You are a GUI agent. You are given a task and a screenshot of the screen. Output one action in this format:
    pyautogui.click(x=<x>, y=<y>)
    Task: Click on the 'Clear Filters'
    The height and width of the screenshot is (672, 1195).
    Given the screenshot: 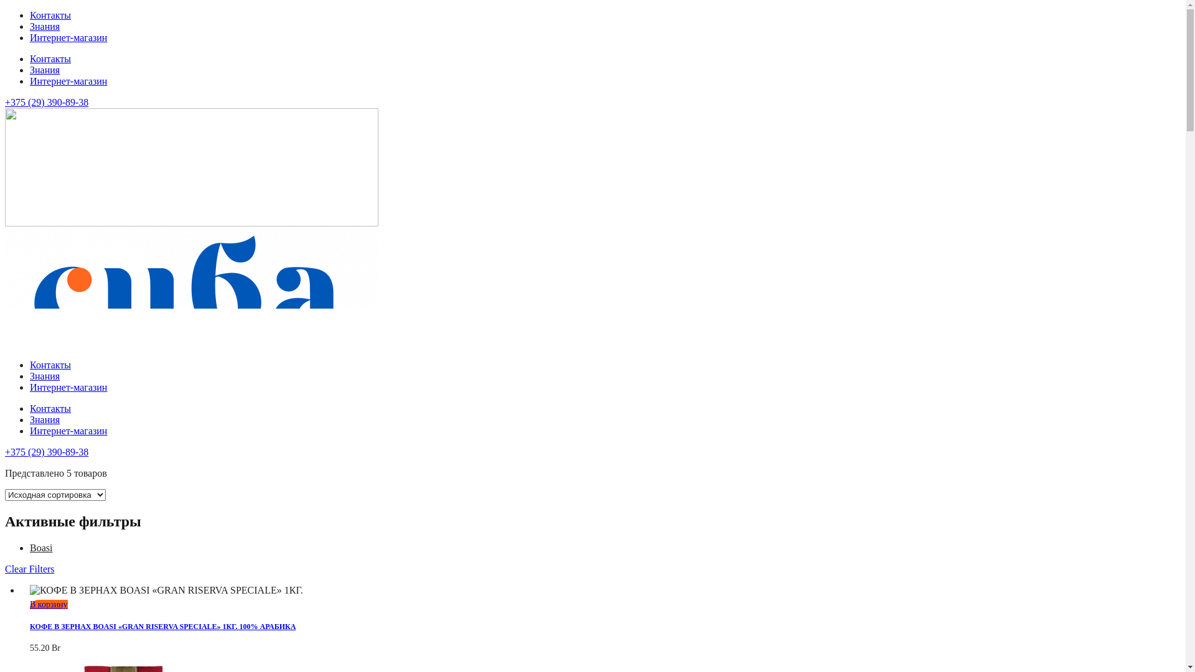 What is the action you would take?
    pyautogui.click(x=30, y=569)
    